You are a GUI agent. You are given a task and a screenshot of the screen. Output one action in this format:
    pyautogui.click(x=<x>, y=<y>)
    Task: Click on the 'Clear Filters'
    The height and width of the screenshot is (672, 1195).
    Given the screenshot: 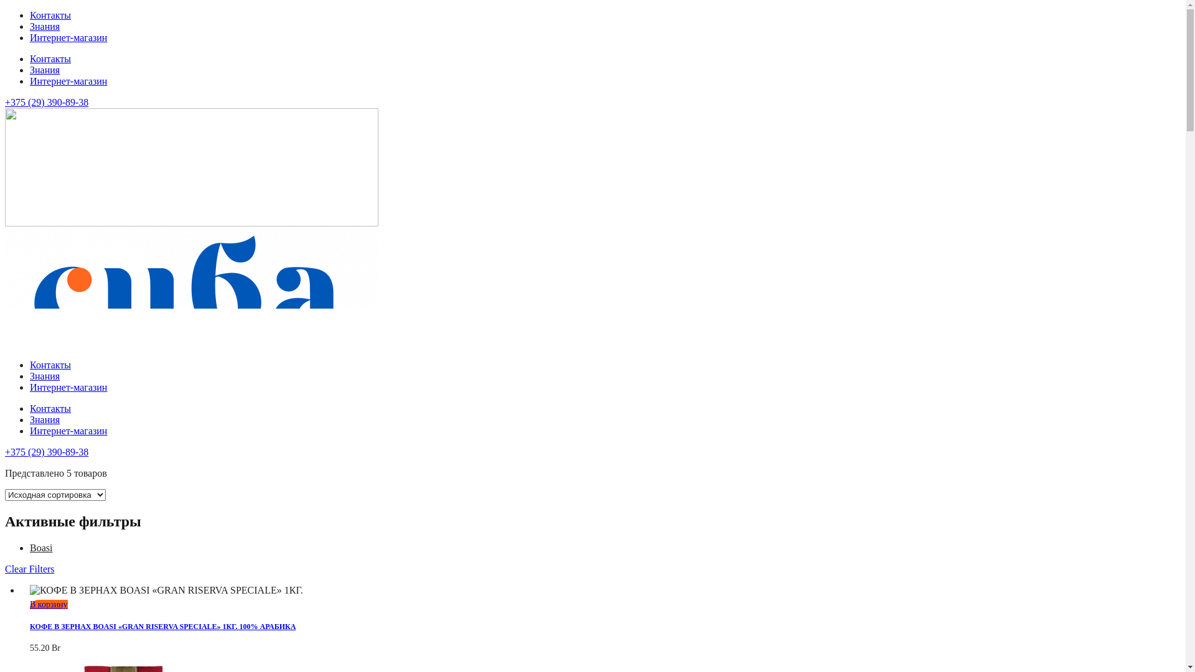 What is the action you would take?
    pyautogui.click(x=30, y=569)
    